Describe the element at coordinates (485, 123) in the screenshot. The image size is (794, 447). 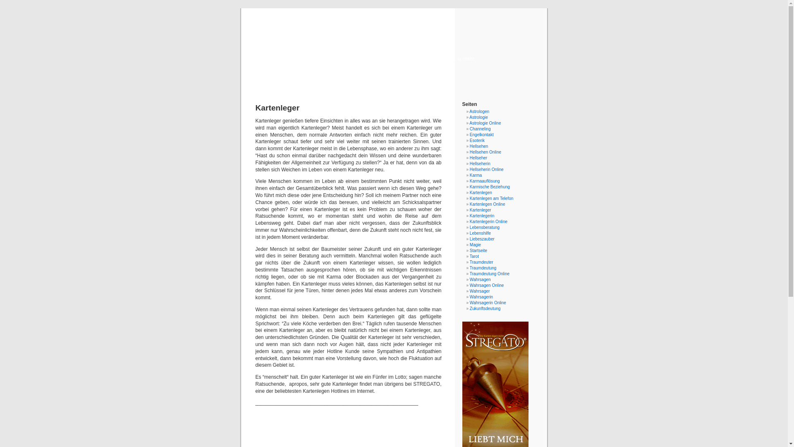
I see `'Astrologie Online'` at that location.